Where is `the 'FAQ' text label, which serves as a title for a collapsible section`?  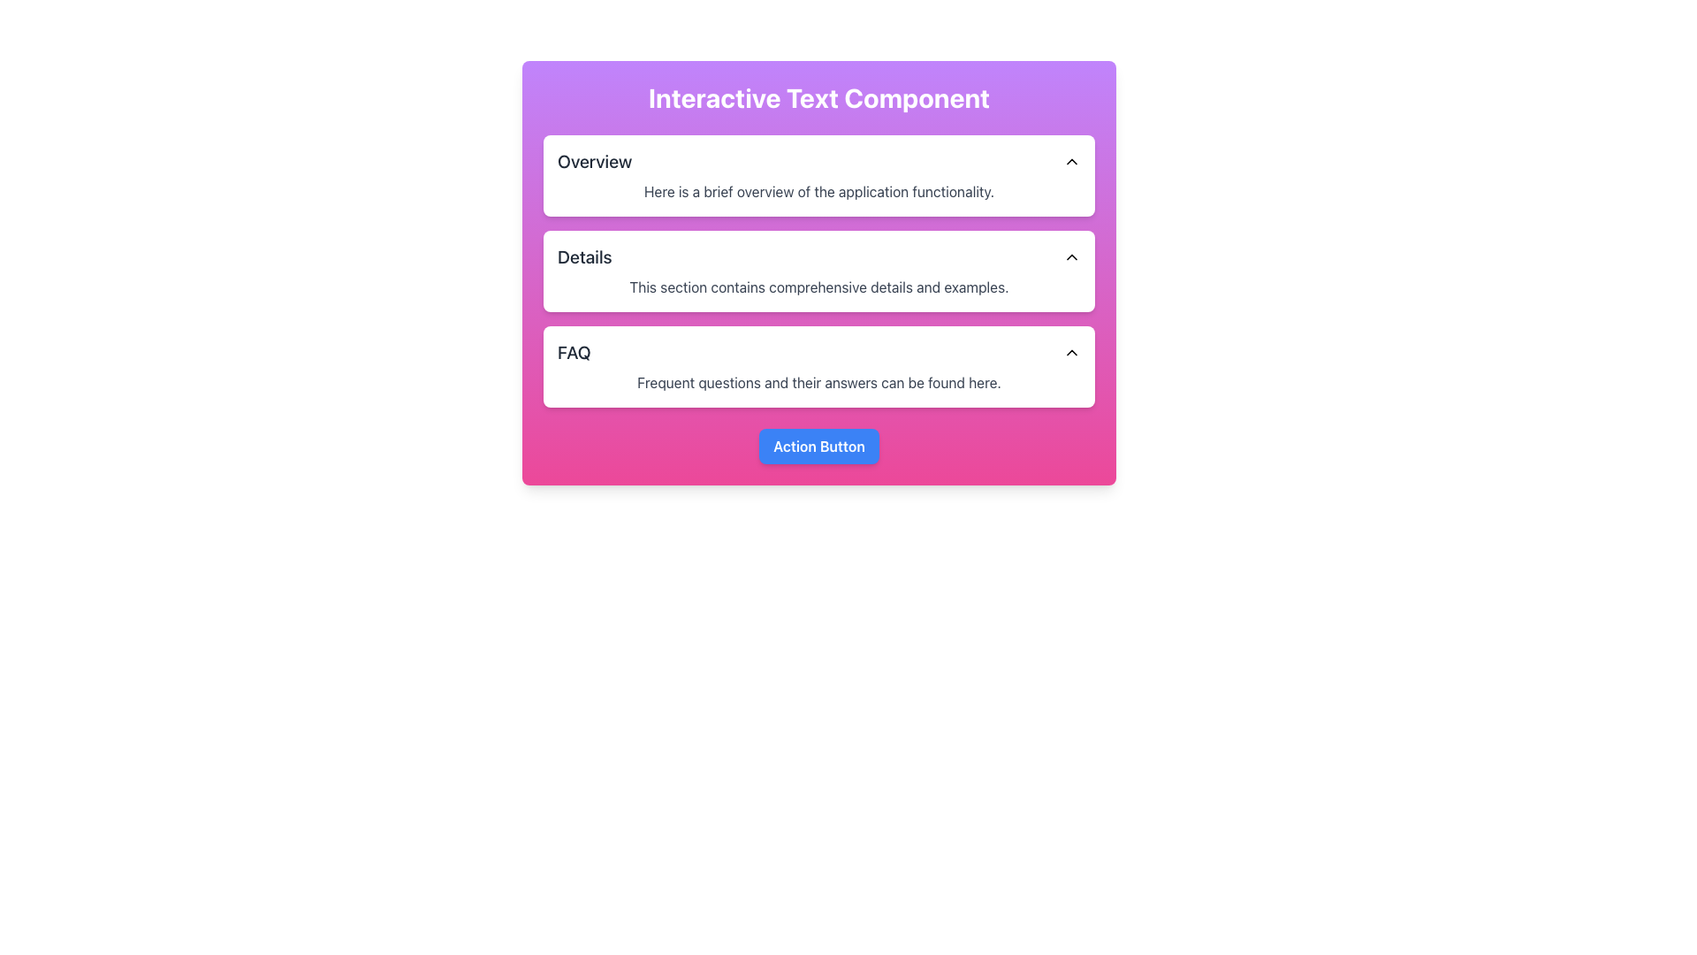
the 'FAQ' text label, which serves as a title for a collapsible section is located at coordinates (574, 352).